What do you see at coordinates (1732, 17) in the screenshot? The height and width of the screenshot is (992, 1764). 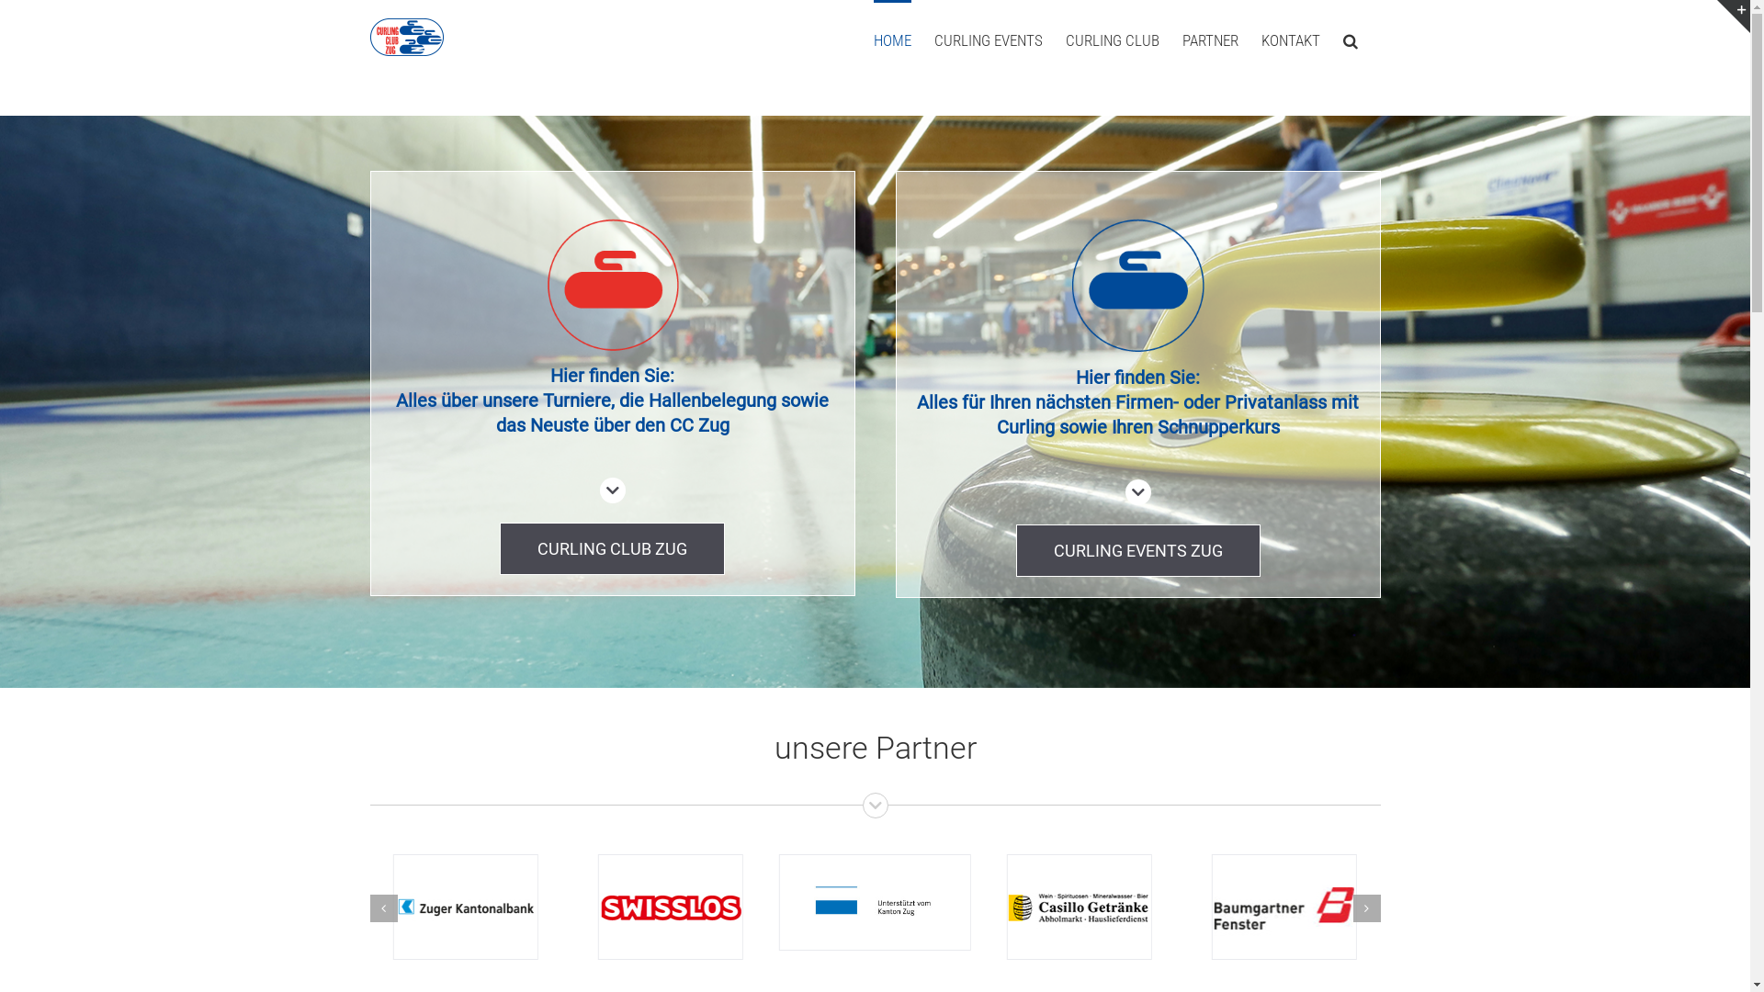 I see `'Toggle Sliding Bar Area'` at bounding box center [1732, 17].